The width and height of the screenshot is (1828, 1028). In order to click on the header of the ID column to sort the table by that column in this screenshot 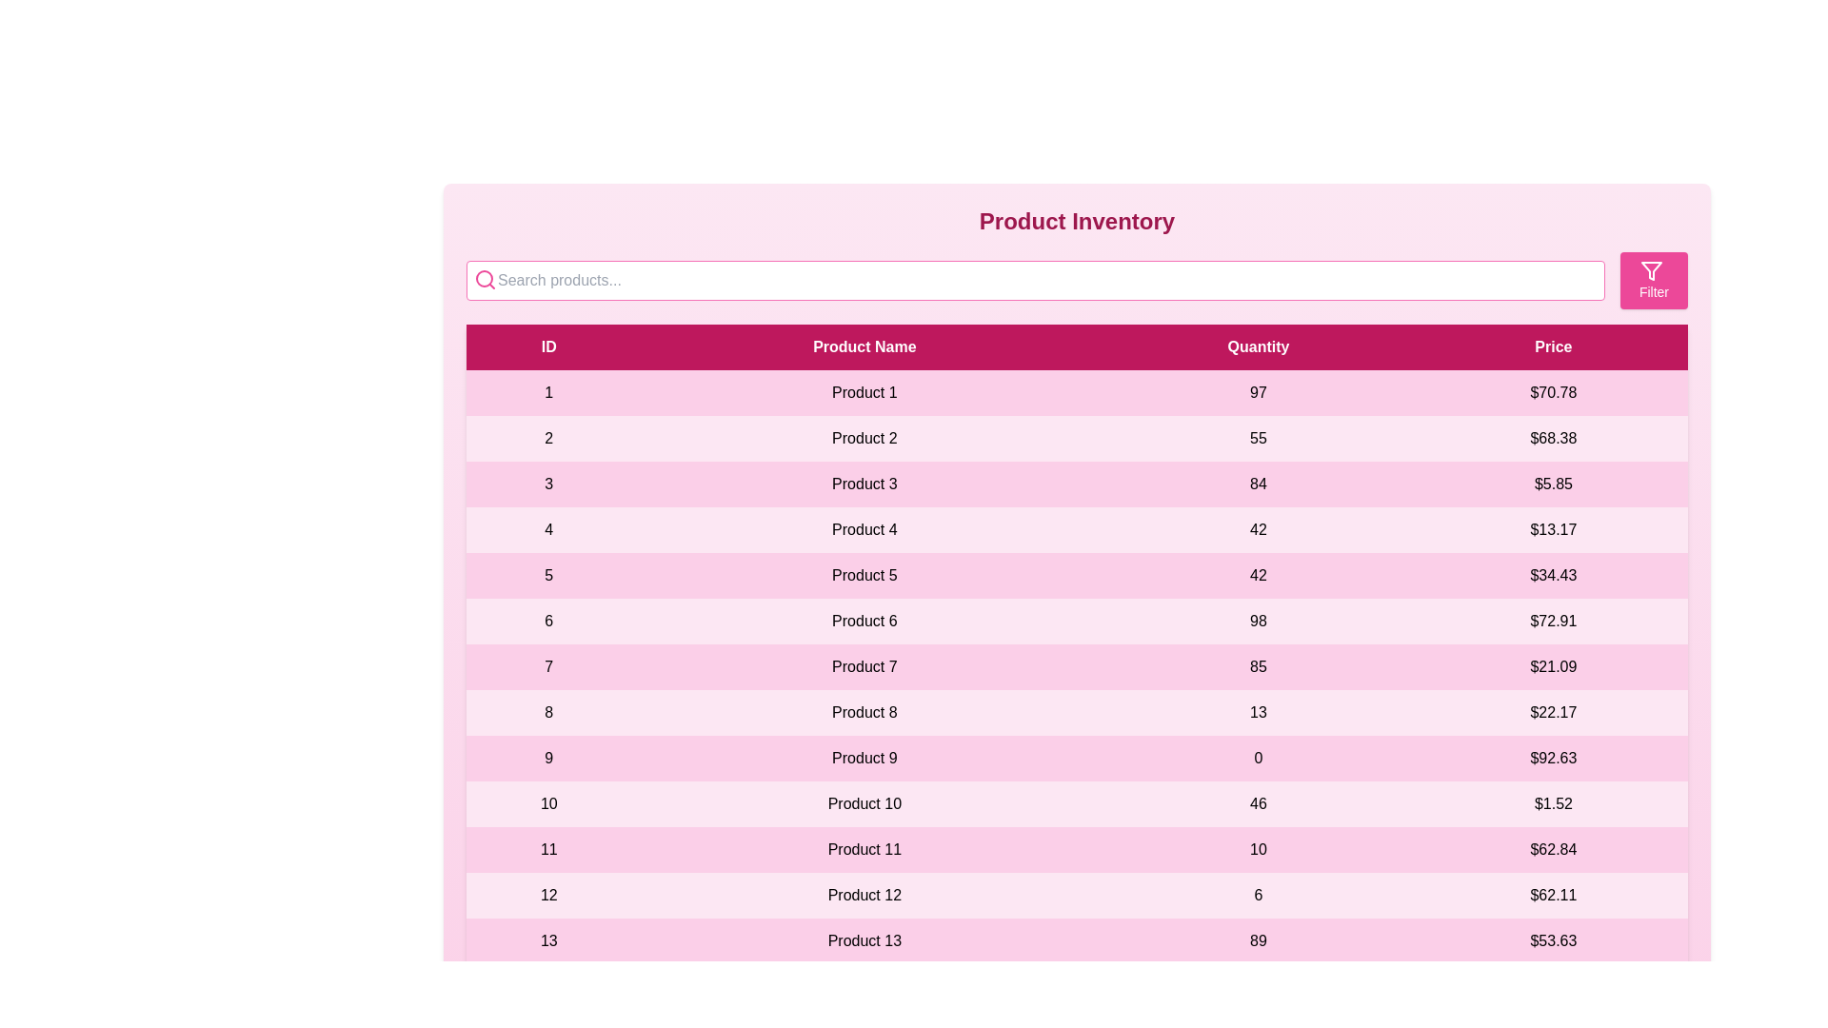, I will do `click(547, 347)`.